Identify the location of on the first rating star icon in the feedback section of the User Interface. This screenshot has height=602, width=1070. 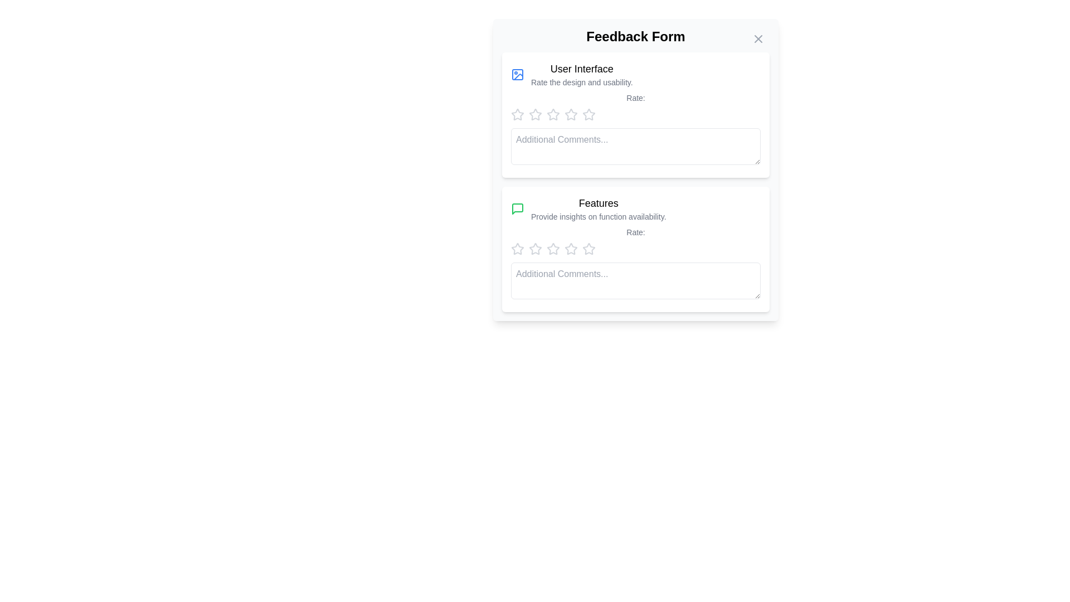
(517, 114).